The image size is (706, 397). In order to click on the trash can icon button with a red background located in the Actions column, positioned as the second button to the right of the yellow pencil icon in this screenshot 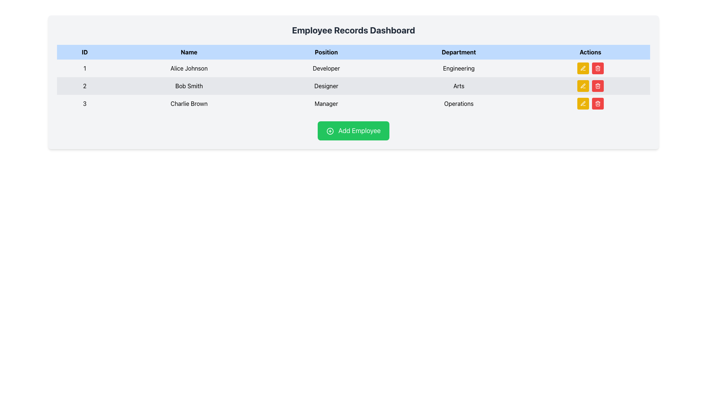, I will do `click(598, 103)`.